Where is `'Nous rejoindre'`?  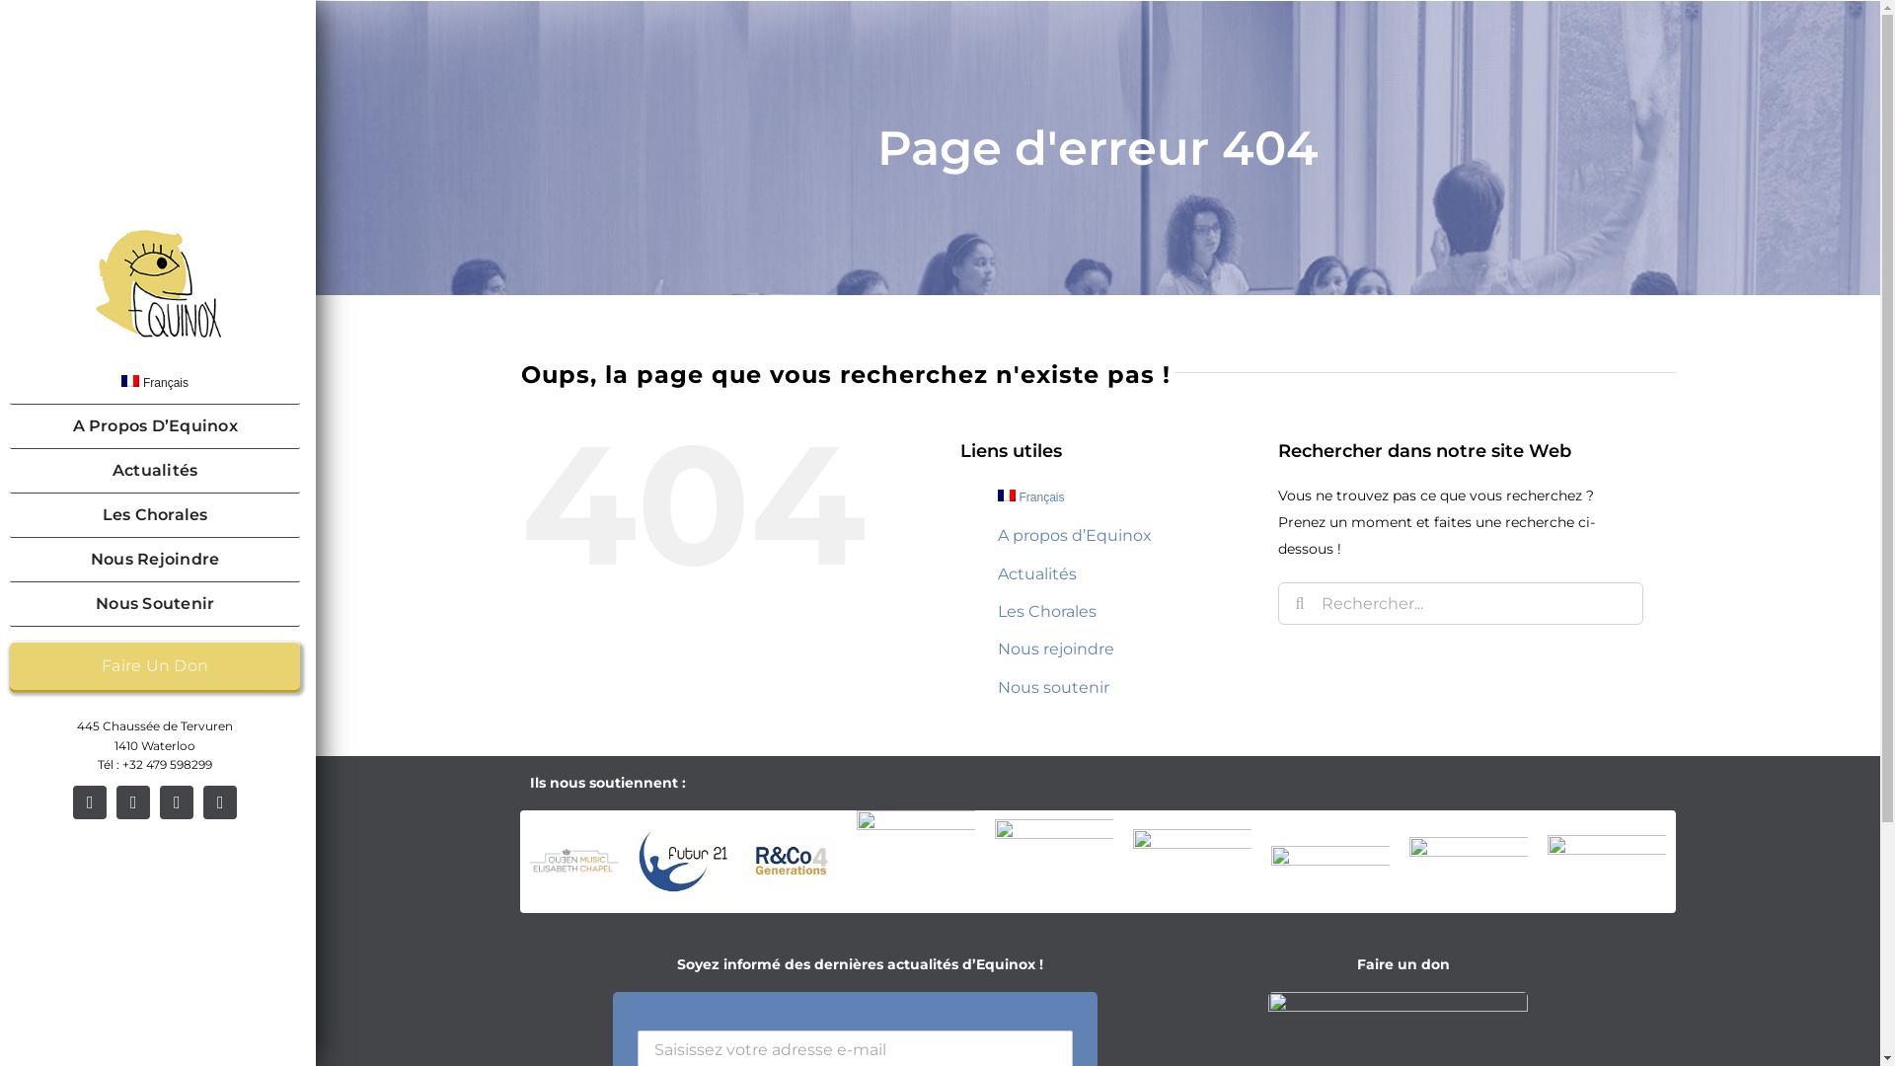 'Nous rejoindre' is located at coordinates (1055, 648).